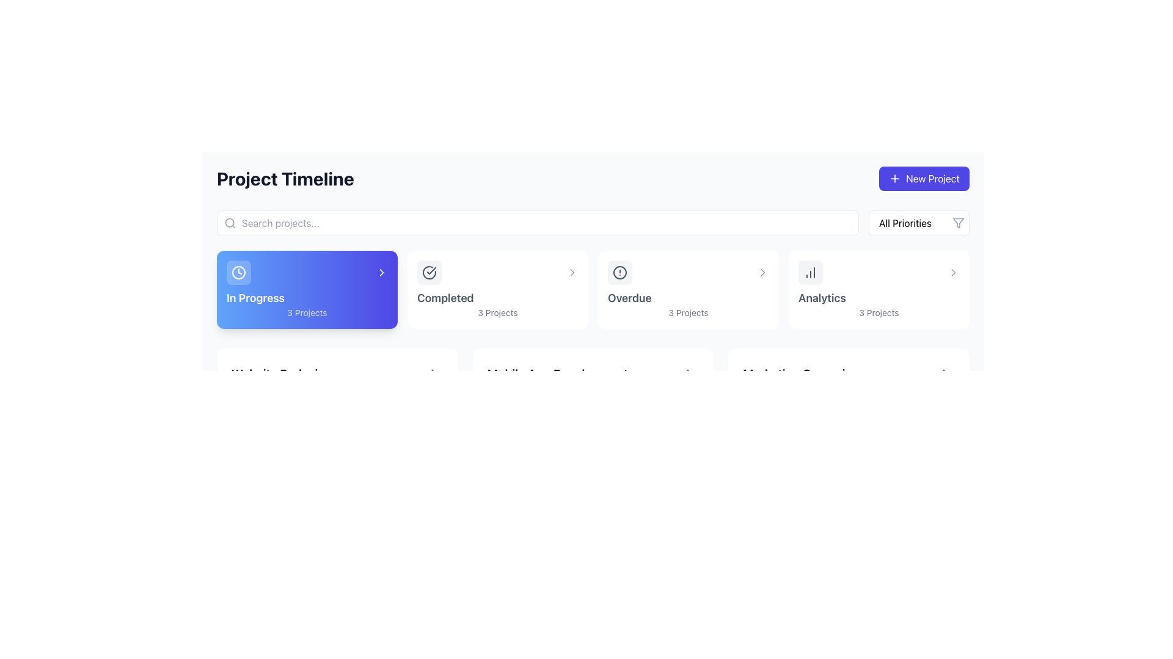  What do you see at coordinates (498, 312) in the screenshot?
I see `the text label displaying '3 Projects' located beneath 'Completed' in the project overview section` at bounding box center [498, 312].